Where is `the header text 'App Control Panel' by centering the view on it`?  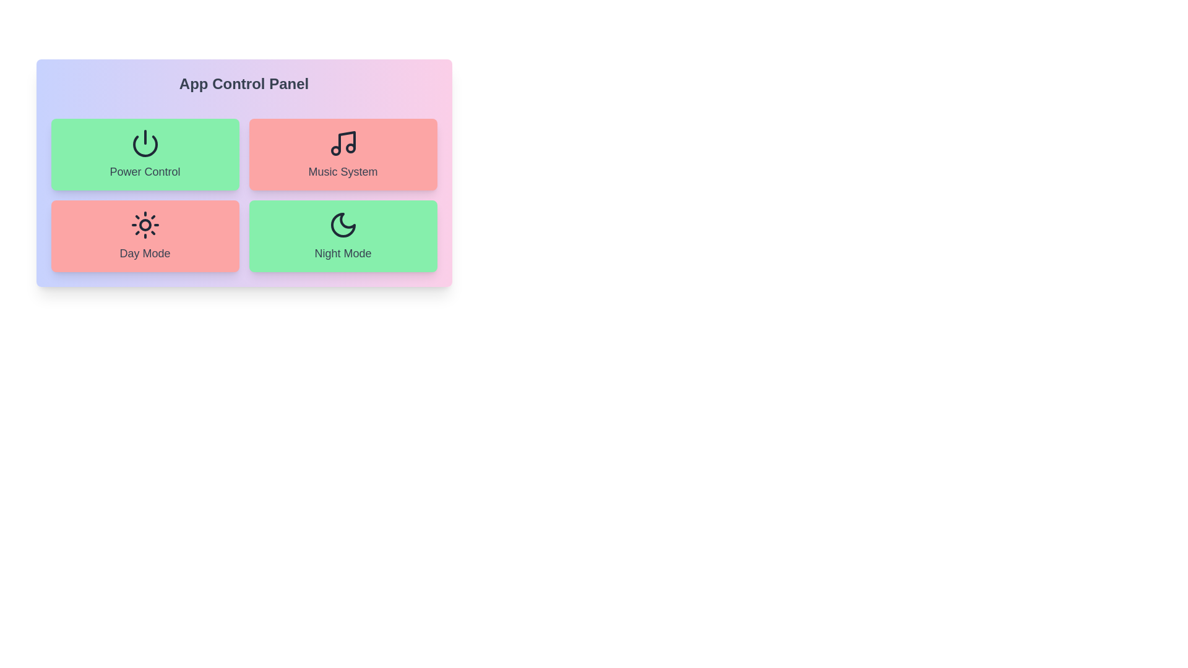 the header text 'App Control Panel' by centering the view on it is located at coordinates (244, 83).